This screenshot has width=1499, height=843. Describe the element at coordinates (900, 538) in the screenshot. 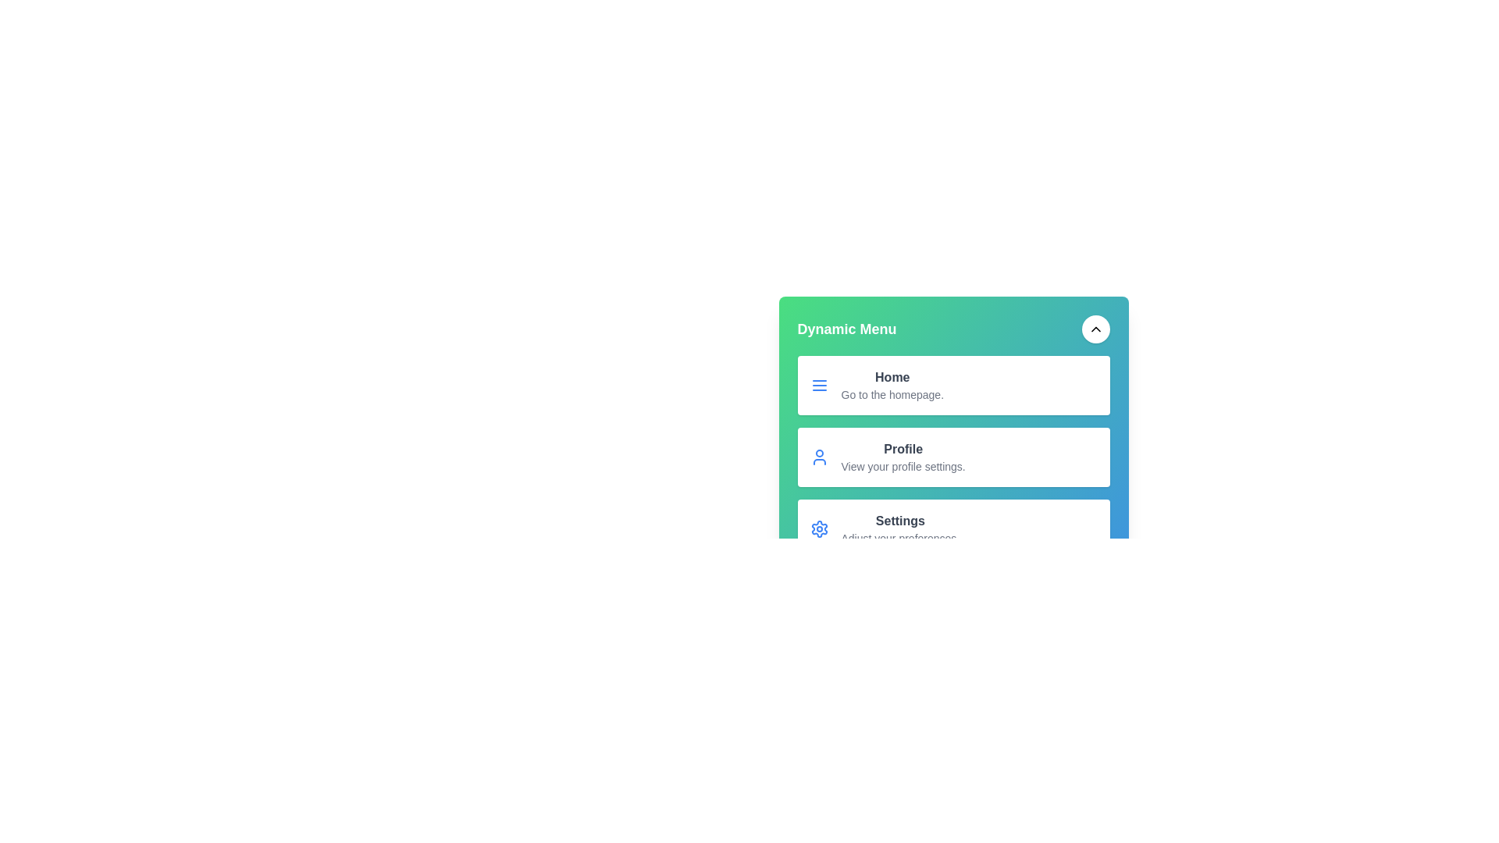

I see `the descriptive text element located below the 'Settings' label in the 'Settings' section of the vertical menu` at that location.